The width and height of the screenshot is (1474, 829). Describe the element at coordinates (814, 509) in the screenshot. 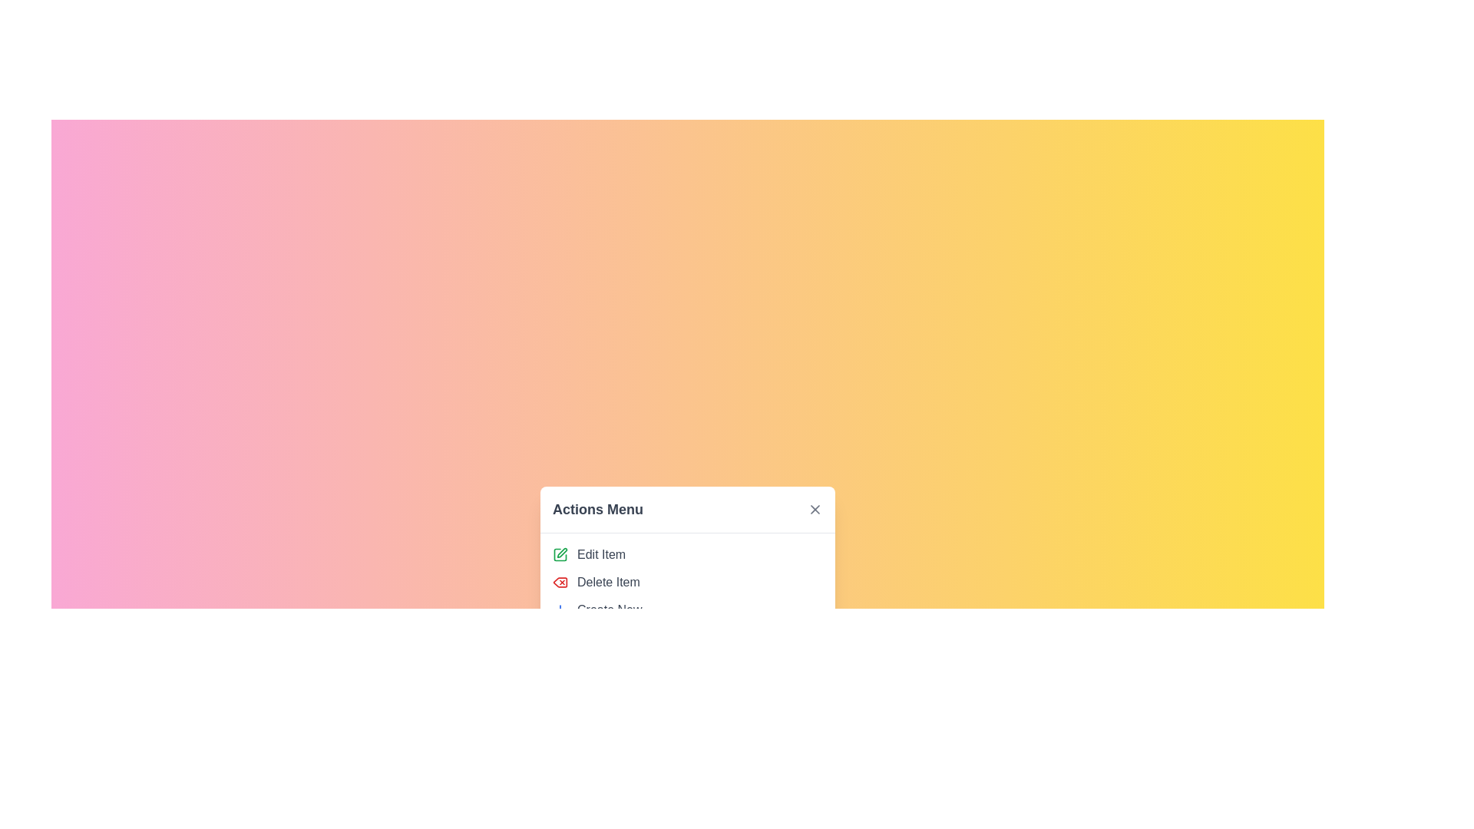

I see `the close button icon located in the top-right corner of the 'Actions Menu' pop-up` at that location.